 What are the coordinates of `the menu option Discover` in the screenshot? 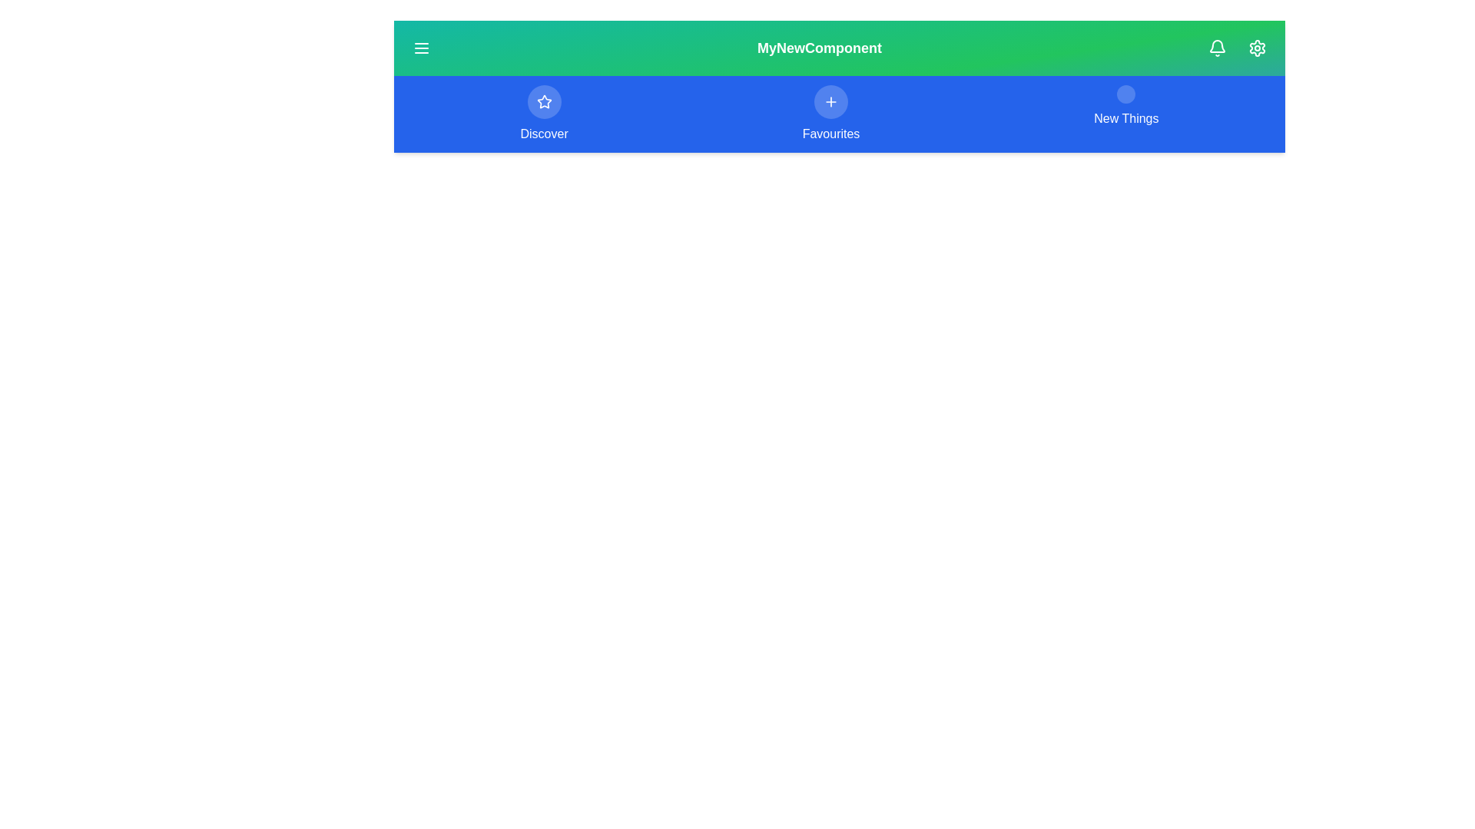 It's located at (544, 114).